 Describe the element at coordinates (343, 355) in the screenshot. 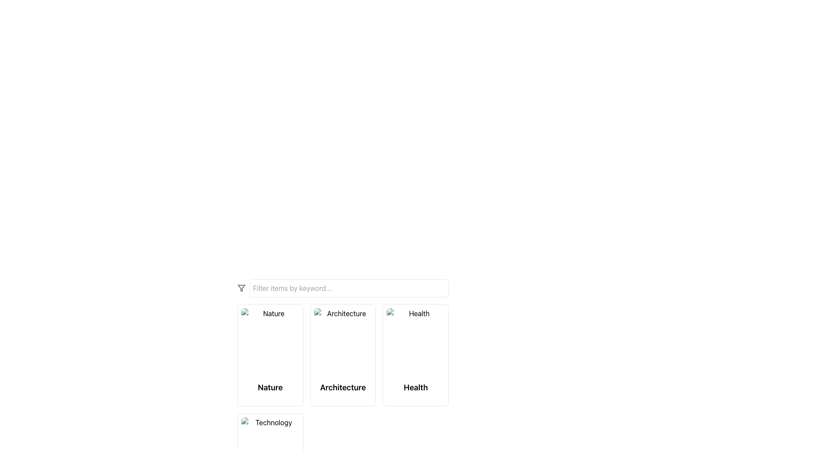

I see `the 'Architecture' card component to activate hover effects, located in the second position of a three-column grid layout between 'Nature' and 'Health'` at that location.